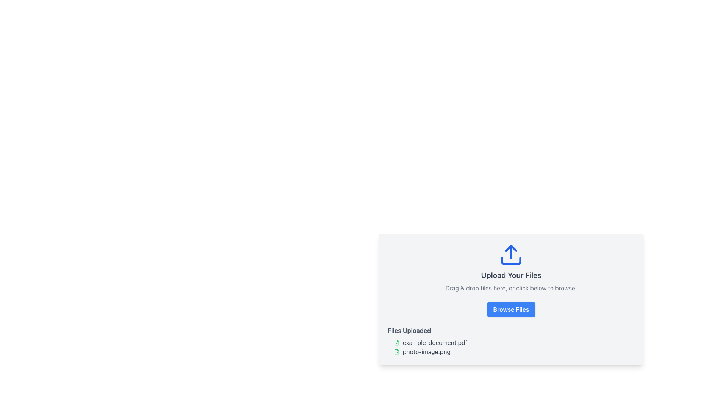 Image resolution: width=727 pixels, height=409 pixels. Describe the element at coordinates (511, 254) in the screenshot. I see `the decorative icon that visually reinforces the file upload functionality, located at the top center of the 'Upload Your Files' box` at that location.